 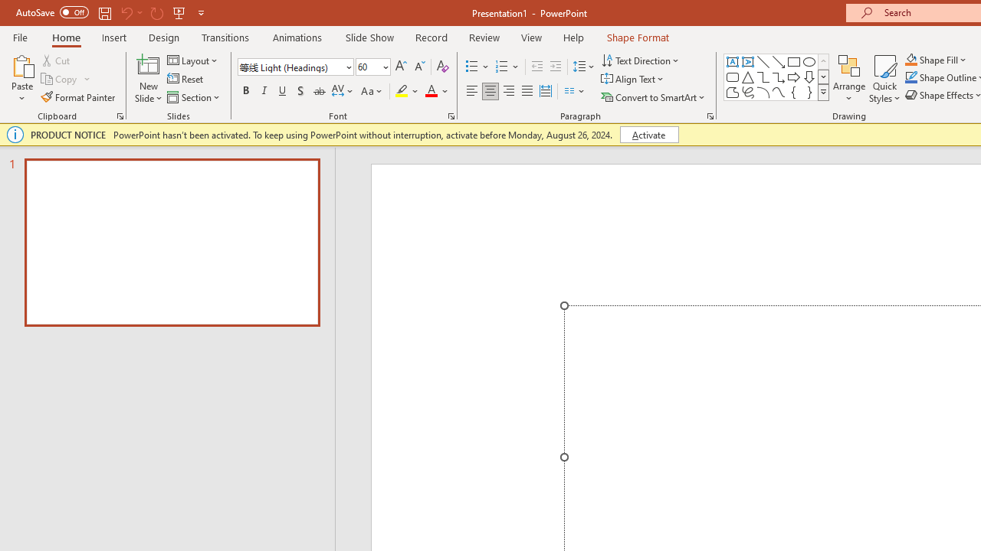 I want to click on 'Bold', so click(x=245, y=91).